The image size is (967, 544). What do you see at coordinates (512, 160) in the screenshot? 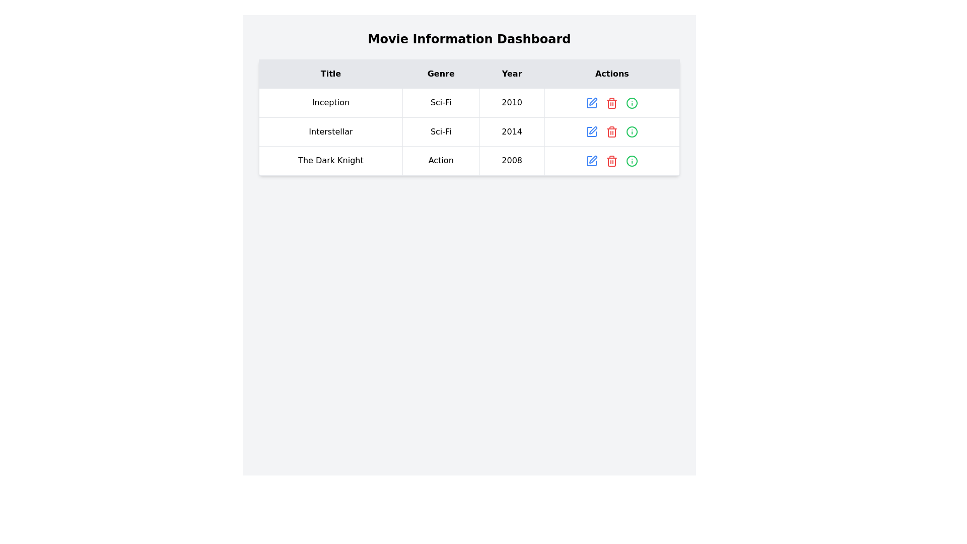
I see `the textual representation of the release year of the movie 'The Dark Knight' located in the third row under the 'Year' column of the movie information table` at bounding box center [512, 160].